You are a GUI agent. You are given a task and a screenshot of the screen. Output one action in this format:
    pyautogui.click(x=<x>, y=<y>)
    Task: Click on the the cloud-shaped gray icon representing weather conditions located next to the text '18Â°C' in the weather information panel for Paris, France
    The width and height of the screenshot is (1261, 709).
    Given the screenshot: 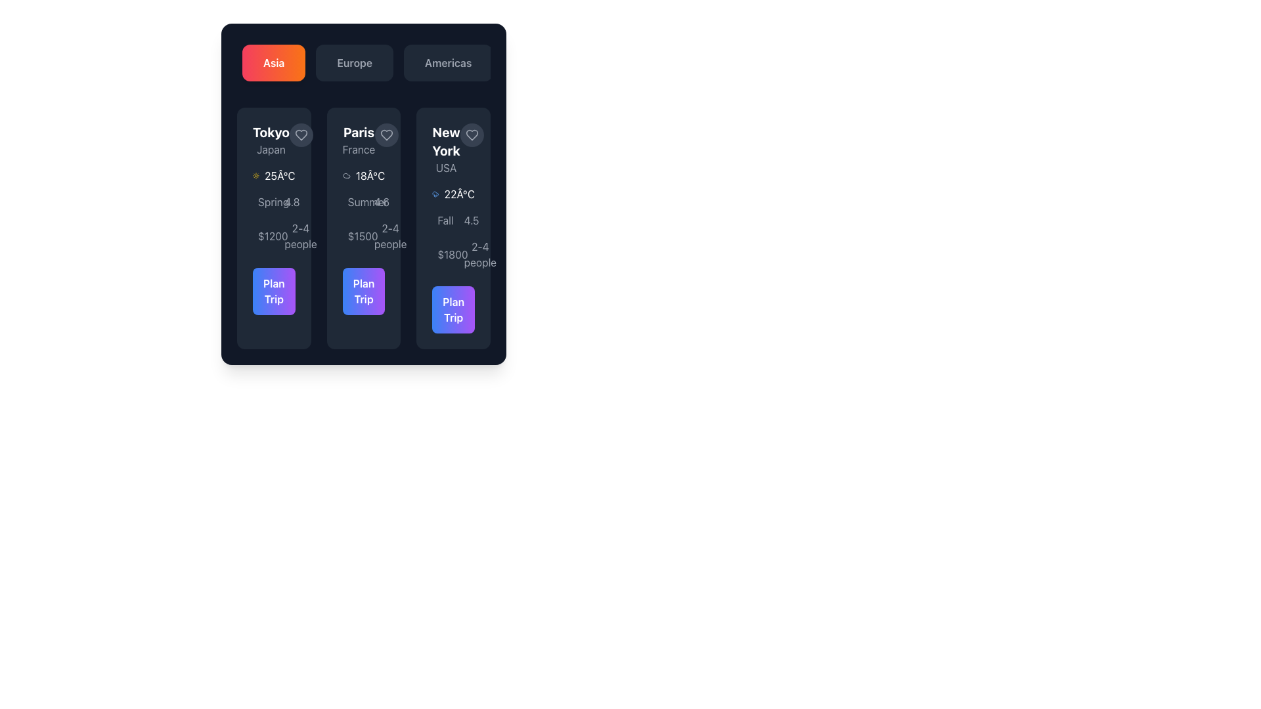 What is the action you would take?
    pyautogui.click(x=346, y=175)
    